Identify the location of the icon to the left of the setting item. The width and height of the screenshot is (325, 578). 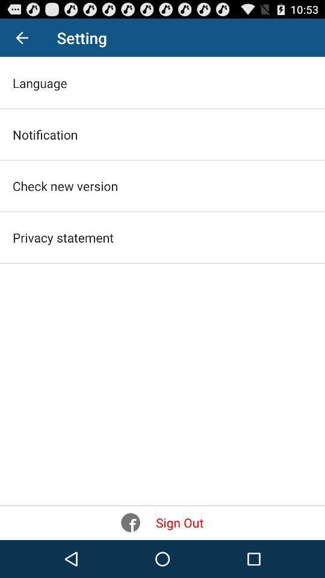
(22, 37).